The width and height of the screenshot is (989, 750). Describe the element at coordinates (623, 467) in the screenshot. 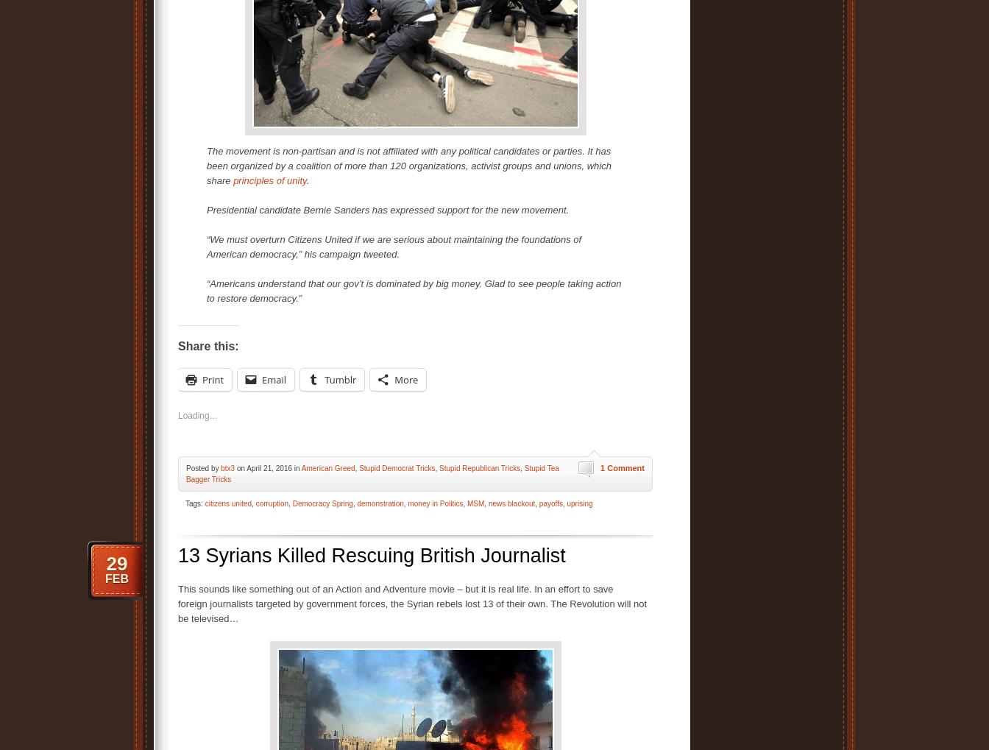

I see `'1 Comment'` at that location.